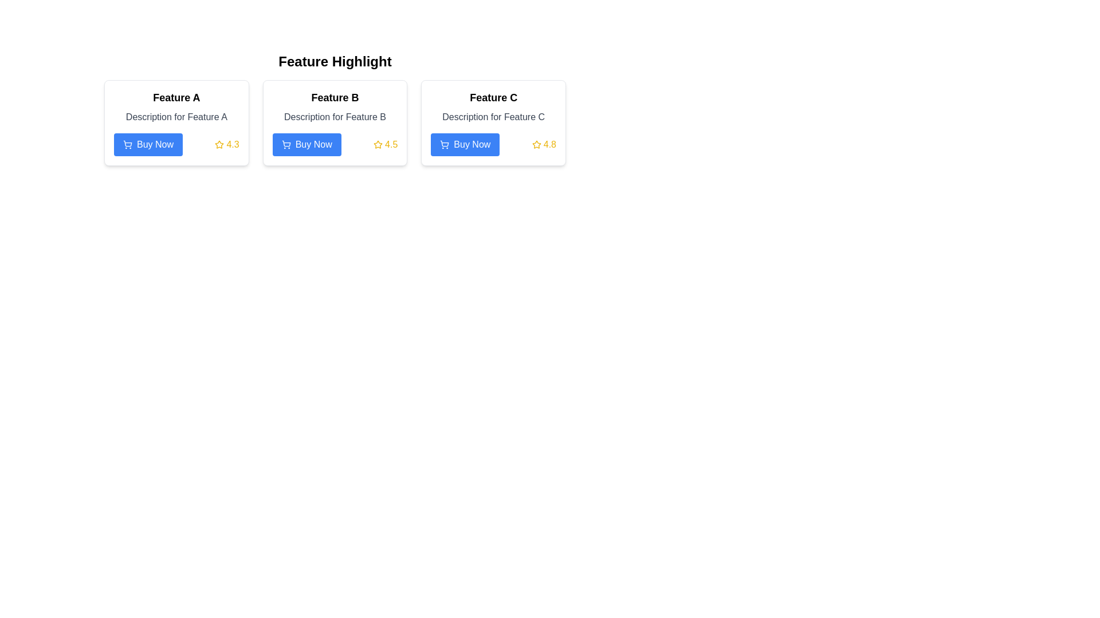 The width and height of the screenshot is (1100, 618). Describe the element at coordinates (286, 142) in the screenshot. I see `the shopping cart icon located within the 'Buy Now' button in the 'Feature B' card` at that location.